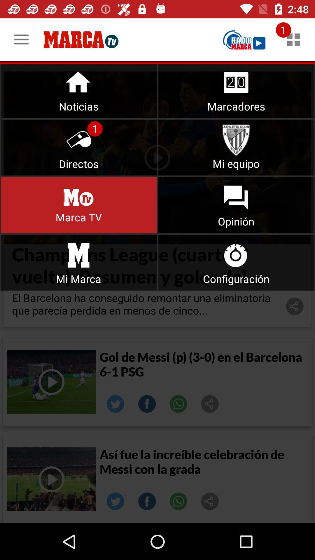 The width and height of the screenshot is (315, 560). What do you see at coordinates (79, 205) in the screenshot?
I see `marca tv option` at bounding box center [79, 205].